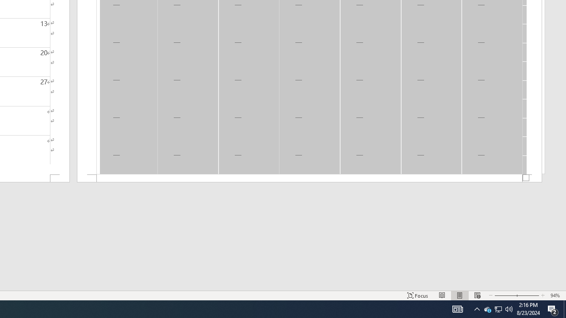 This screenshot has height=318, width=566. I want to click on 'Read Mode', so click(442, 295).